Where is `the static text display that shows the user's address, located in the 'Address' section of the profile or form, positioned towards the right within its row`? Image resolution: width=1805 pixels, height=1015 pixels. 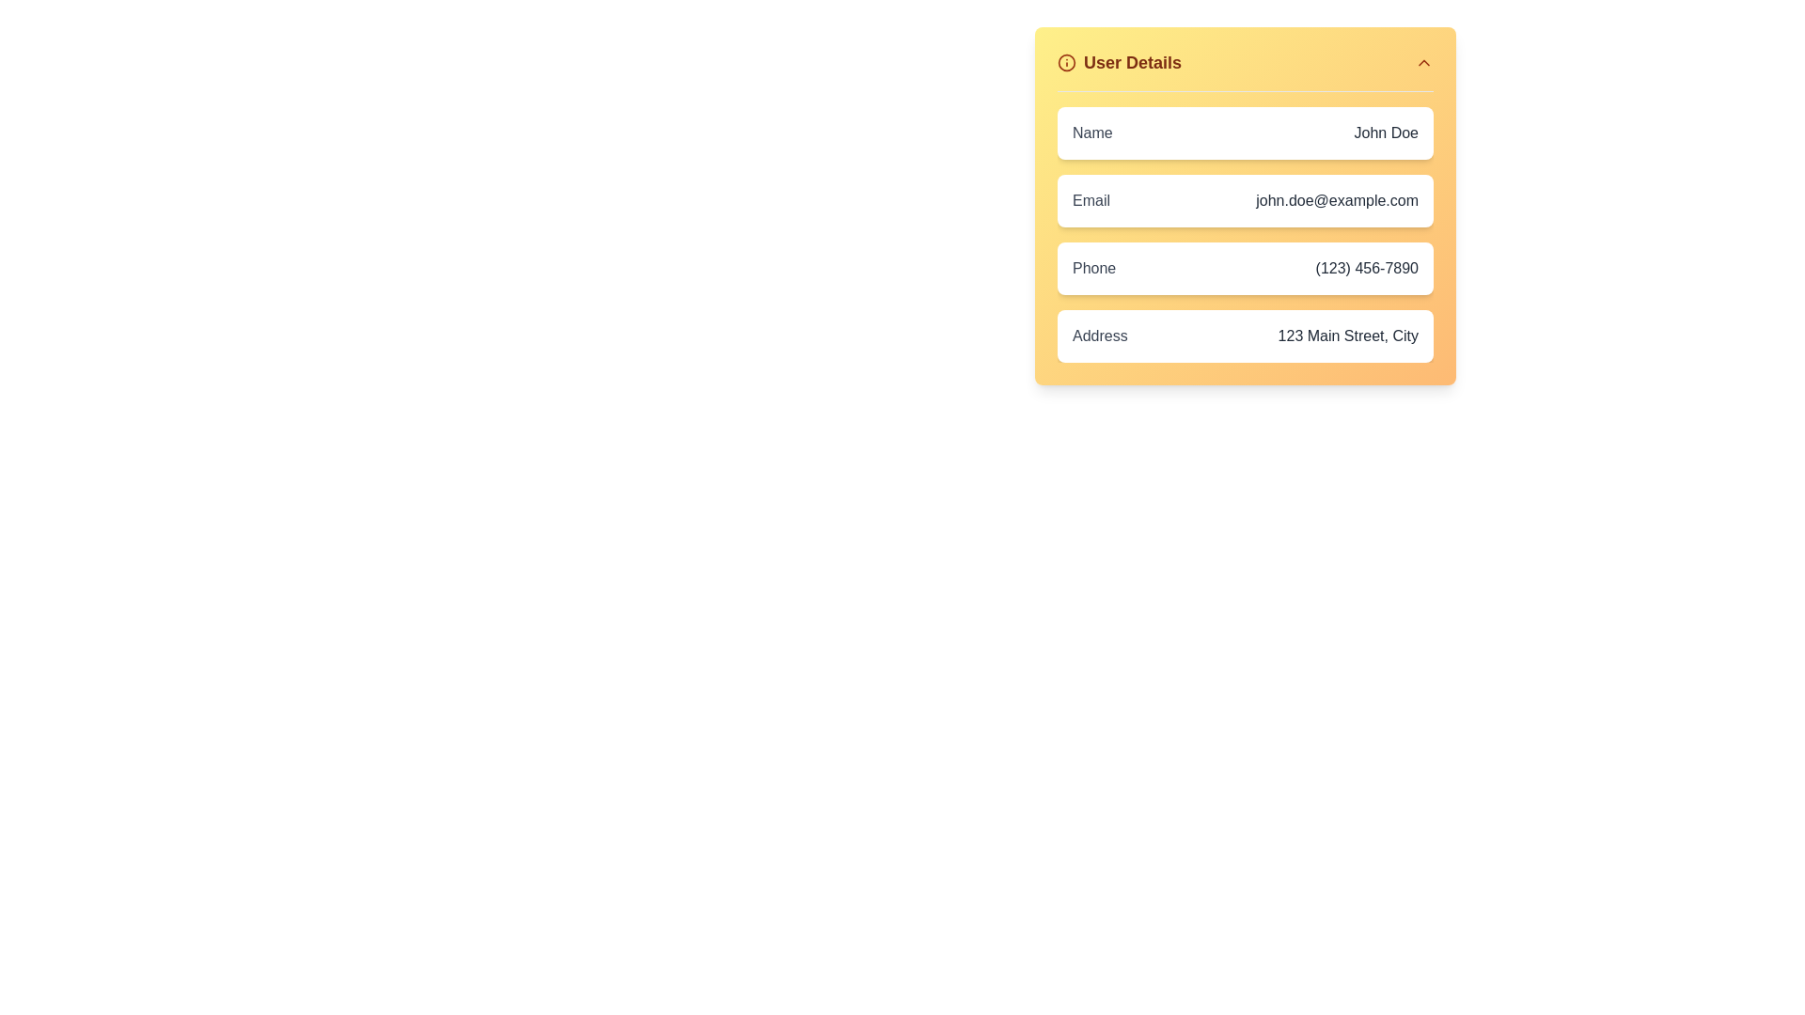
the static text display that shows the user's address, located in the 'Address' section of the profile or form, positioned towards the right within its row is located at coordinates (1347, 336).